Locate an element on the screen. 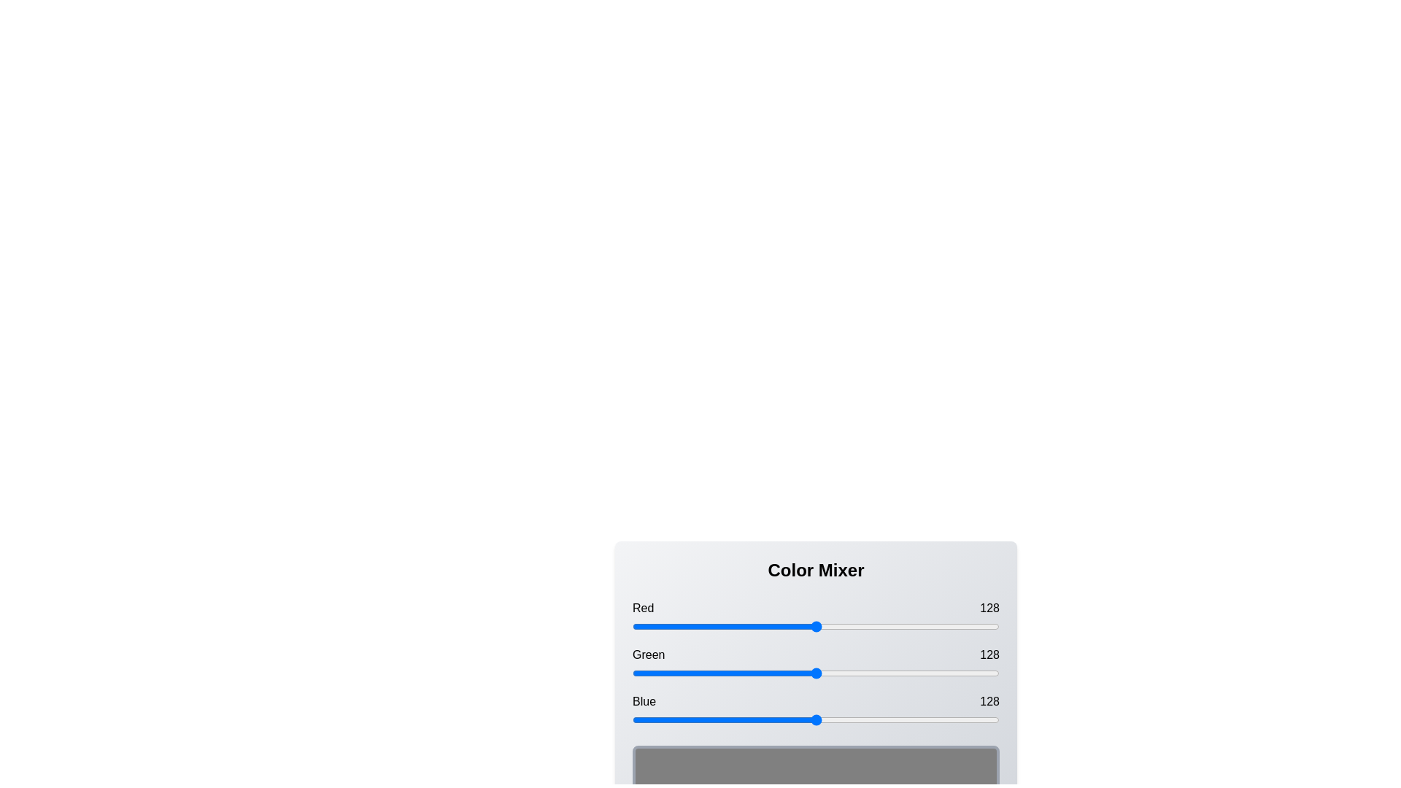 This screenshot has height=788, width=1401. the green slider to set its value to 221 is located at coordinates (950, 673).